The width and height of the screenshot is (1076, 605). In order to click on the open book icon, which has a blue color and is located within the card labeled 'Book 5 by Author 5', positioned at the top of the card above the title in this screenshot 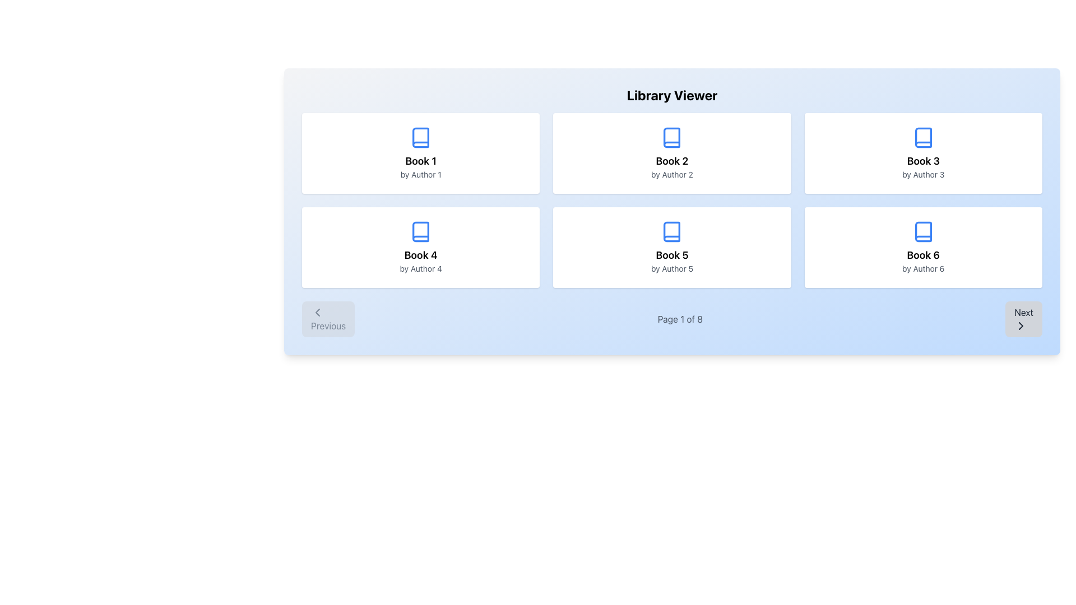, I will do `click(672, 231)`.